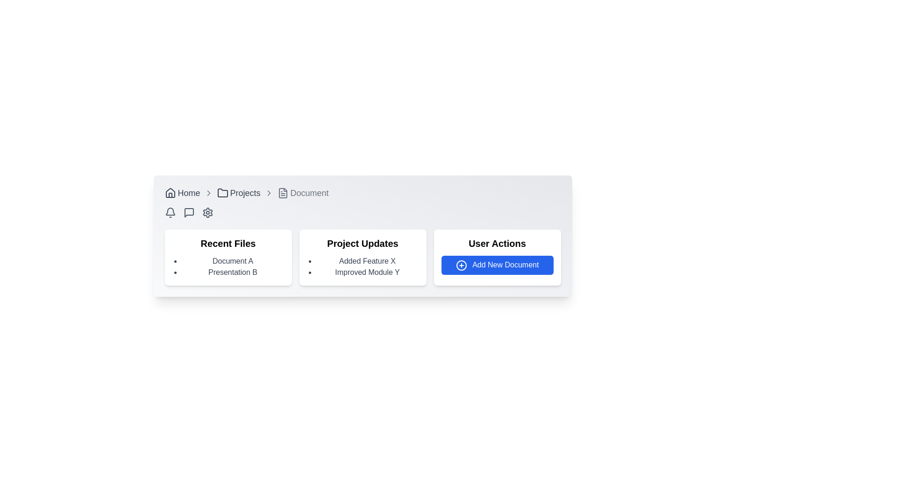  I want to click on information displayed in the text label reading 'Improved Module Y', which is the second item in the bulleted list of the 'Project Updates' section, so click(367, 272).